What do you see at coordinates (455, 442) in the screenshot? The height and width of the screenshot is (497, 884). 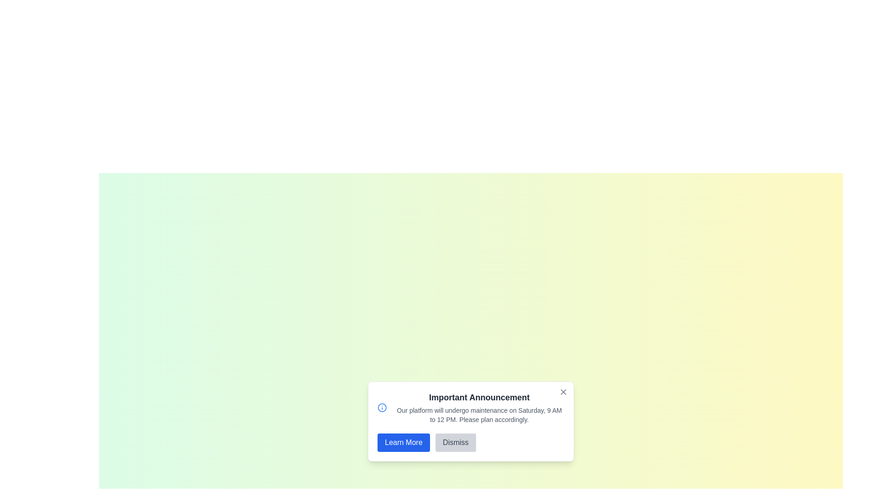 I see `the 'Dismiss' button to close the notification` at bounding box center [455, 442].